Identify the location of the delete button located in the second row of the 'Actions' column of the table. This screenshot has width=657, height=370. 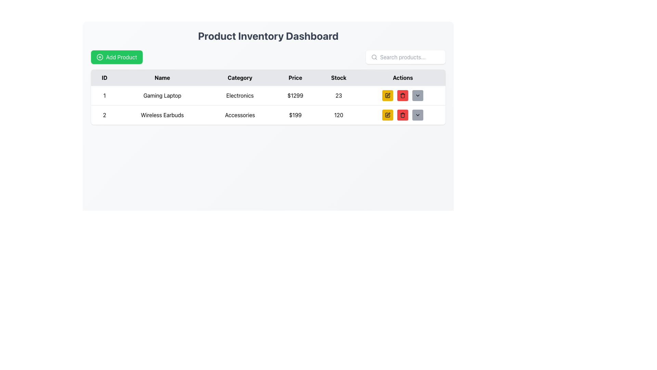
(403, 95).